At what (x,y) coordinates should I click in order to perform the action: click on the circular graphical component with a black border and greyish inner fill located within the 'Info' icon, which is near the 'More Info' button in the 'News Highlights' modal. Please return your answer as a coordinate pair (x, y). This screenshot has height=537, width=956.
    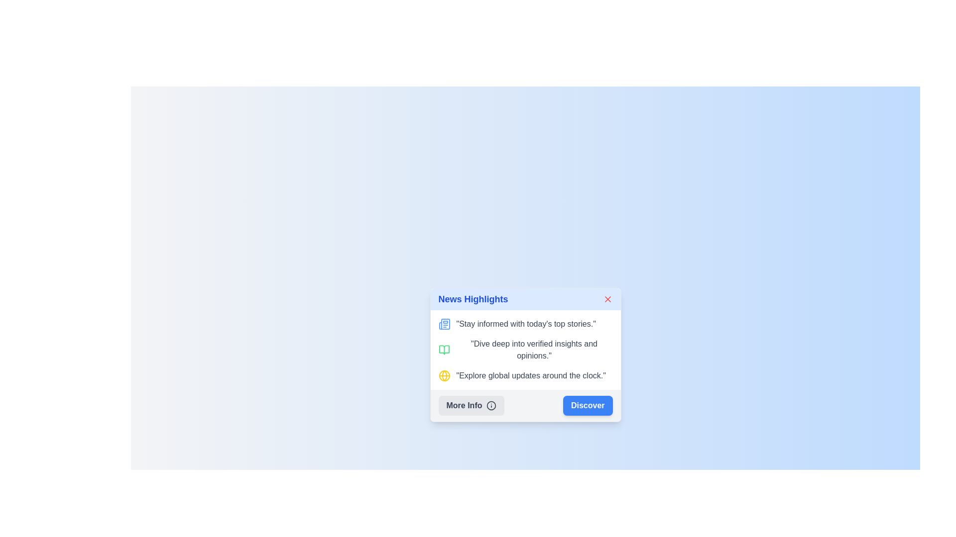
    Looking at the image, I should click on (491, 406).